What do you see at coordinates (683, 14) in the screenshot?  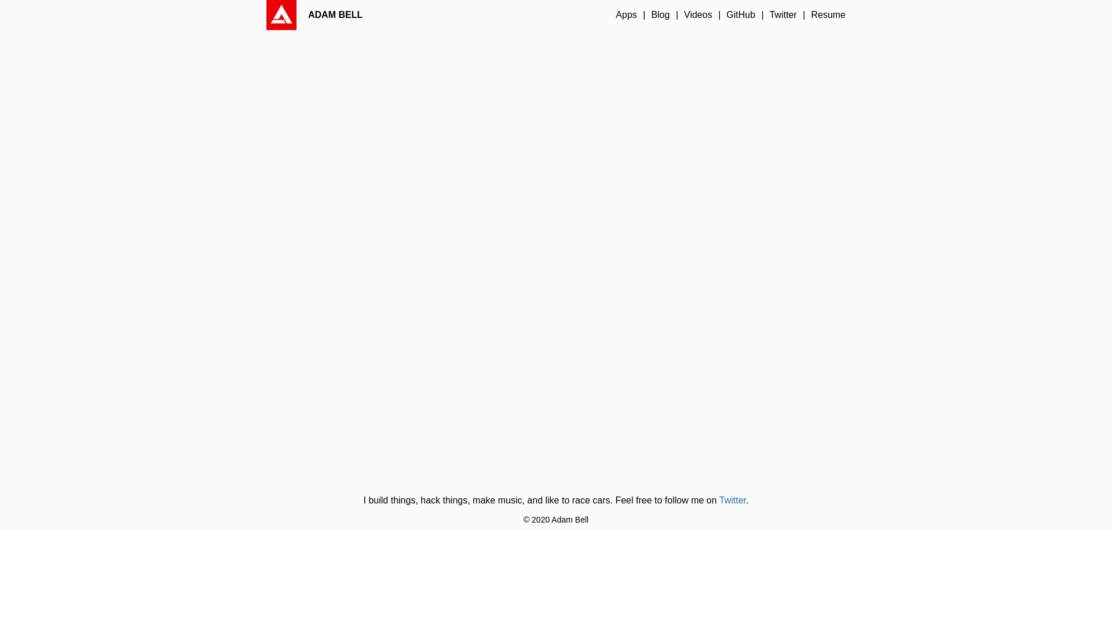 I see `'Videos'` at bounding box center [683, 14].